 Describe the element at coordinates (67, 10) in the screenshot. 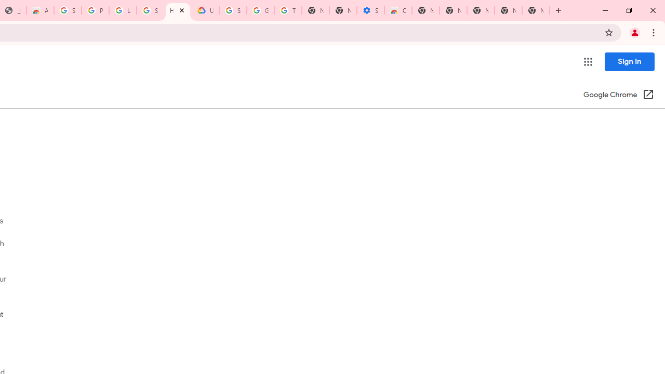

I see `'Sign in - Google Accounts'` at that location.